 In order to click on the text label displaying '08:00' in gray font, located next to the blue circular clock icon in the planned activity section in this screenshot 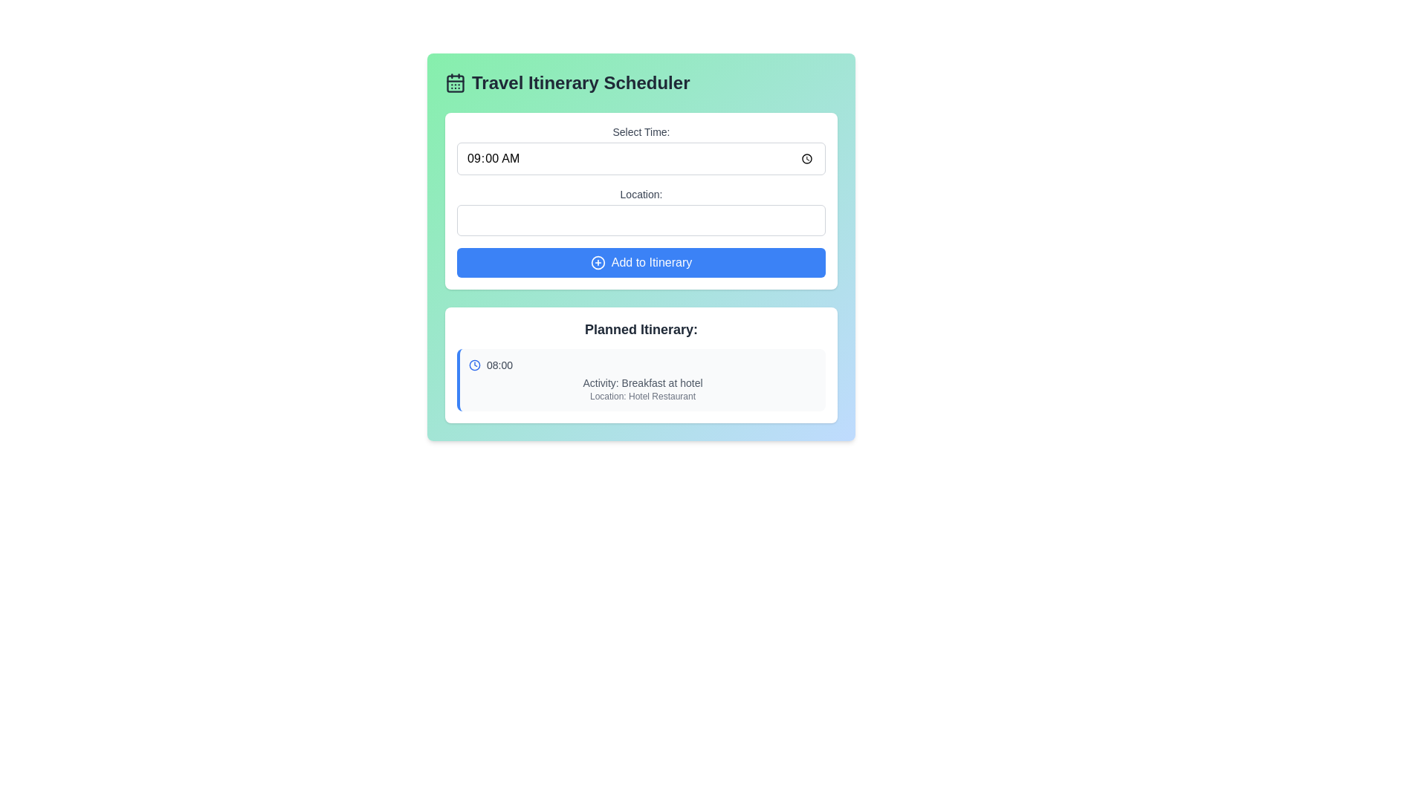, I will do `click(499, 365)`.